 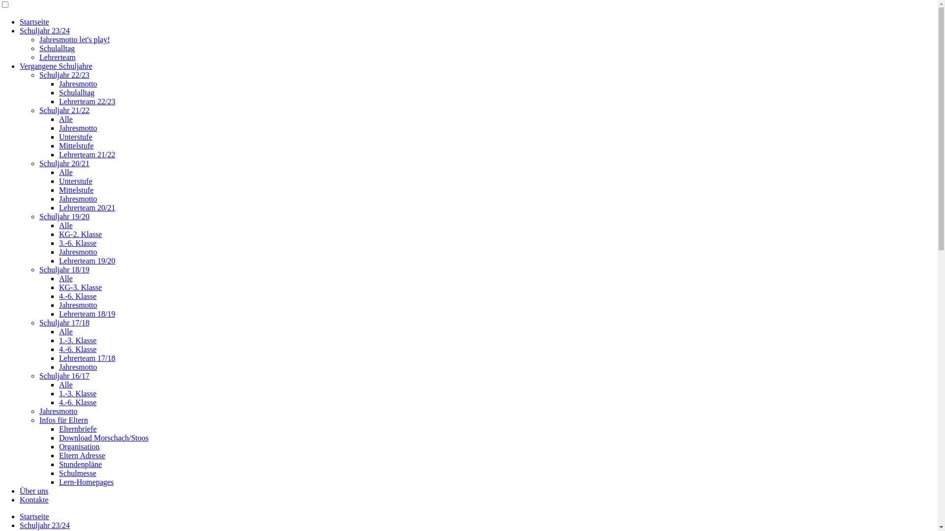 What do you see at coordinates (65, 278) in the screenshot?
I see `'Alle'` at bounding box center [65, 278].